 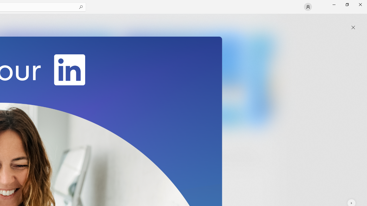 What do you see at coordinates (347, 4) in the screenshot?
I see `'Restore Microsoft Store'` at bounding box center [347, 4].